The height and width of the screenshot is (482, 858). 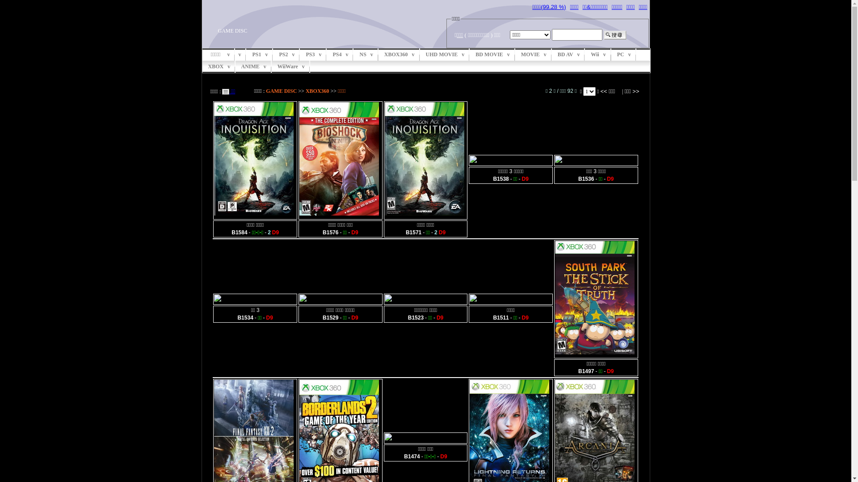 What do you see at coordinates (366, 54) in the screenshot?
I see `'  NS  '` at bounding box center [366, 54].